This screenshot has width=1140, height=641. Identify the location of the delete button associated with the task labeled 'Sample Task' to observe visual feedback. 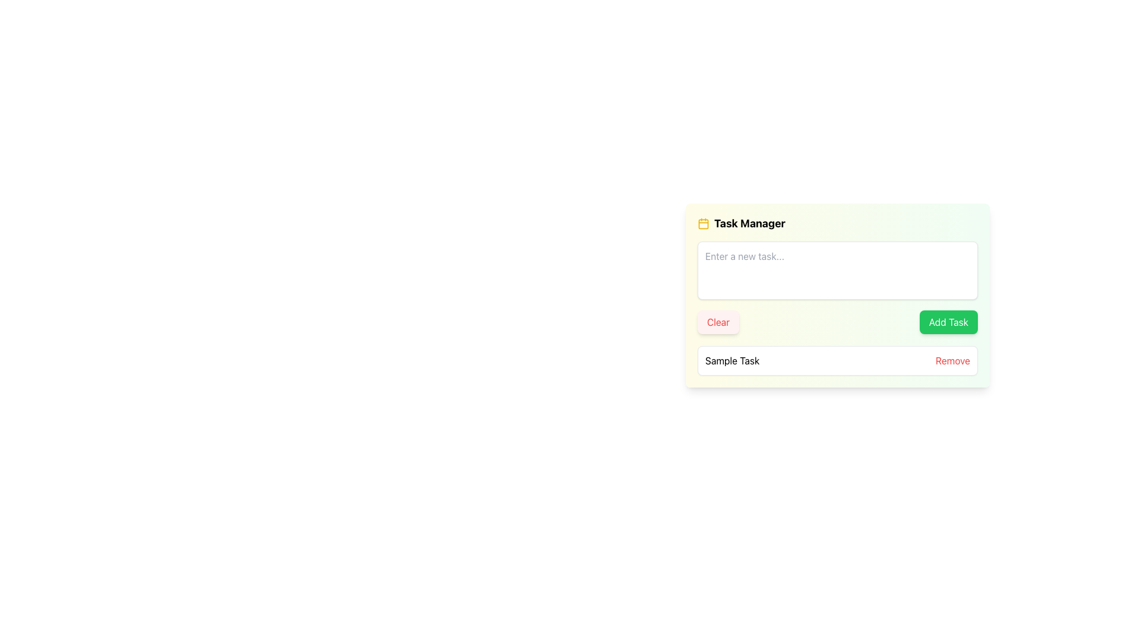
(952, 360).